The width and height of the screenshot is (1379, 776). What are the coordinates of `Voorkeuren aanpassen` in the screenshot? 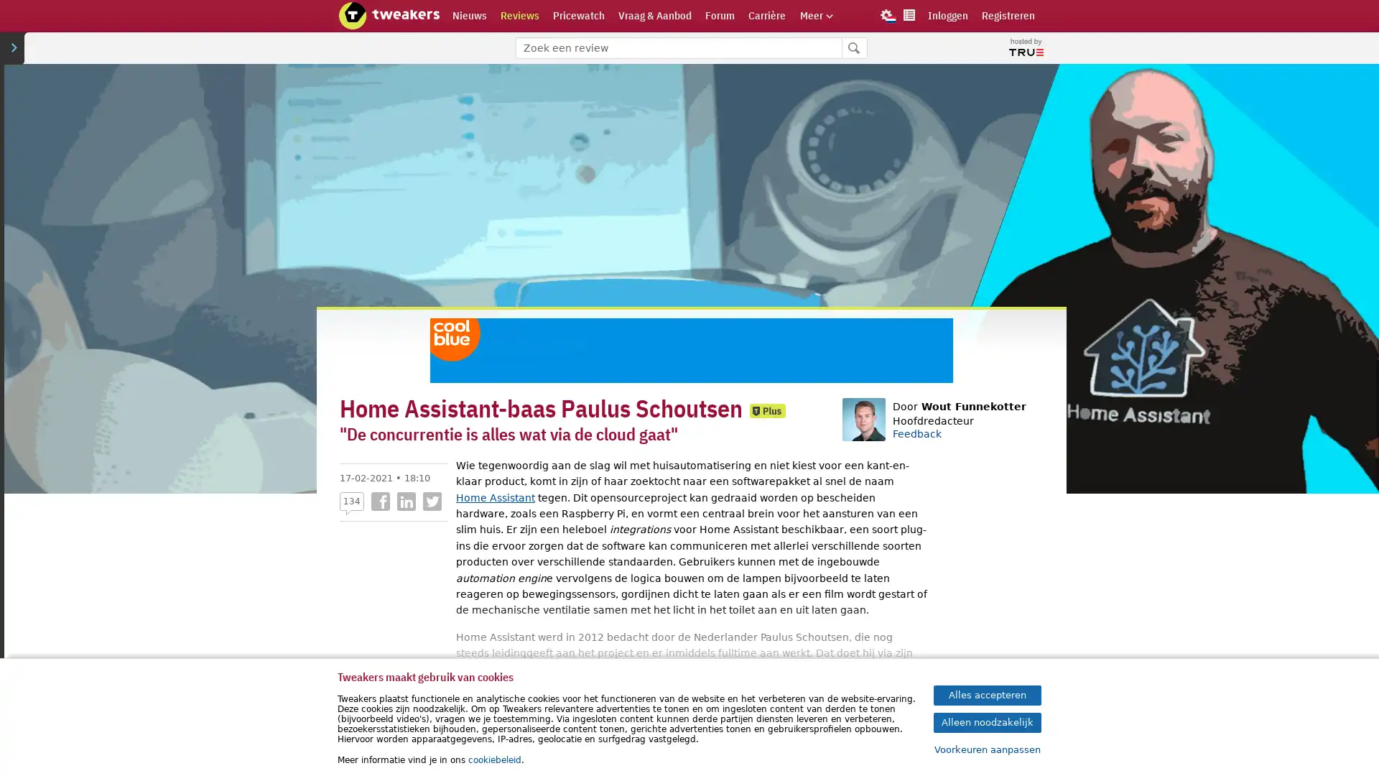 It's located at (986, 749).